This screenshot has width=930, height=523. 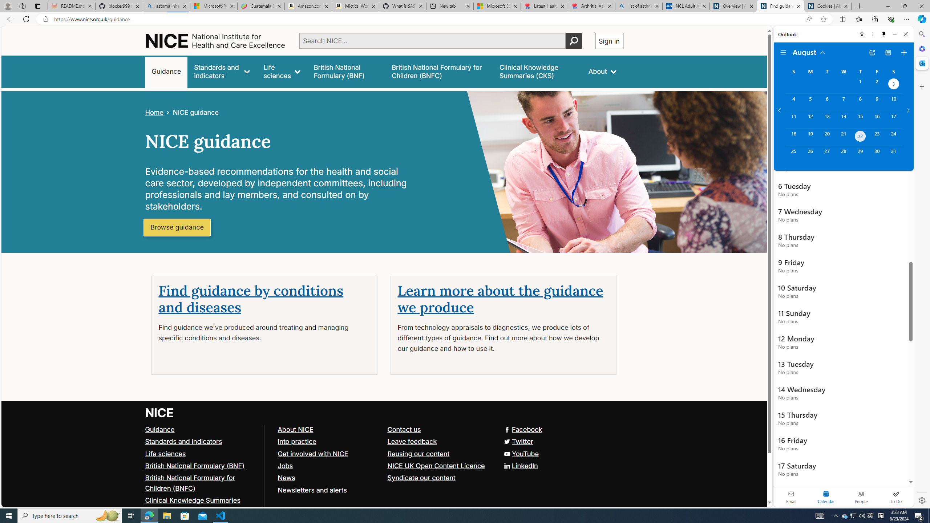 What do you see at coordinates (906, 19) in the screenshot?
I see `'Settings and more (Alt+F)'` at bounding box center [906, 19].